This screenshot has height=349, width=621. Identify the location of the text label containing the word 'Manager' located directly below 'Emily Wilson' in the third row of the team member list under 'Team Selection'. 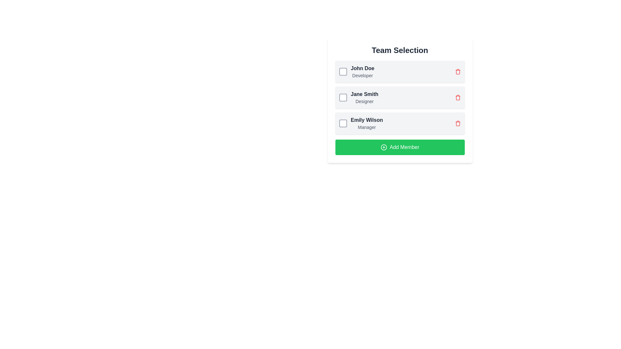
(367, 127).